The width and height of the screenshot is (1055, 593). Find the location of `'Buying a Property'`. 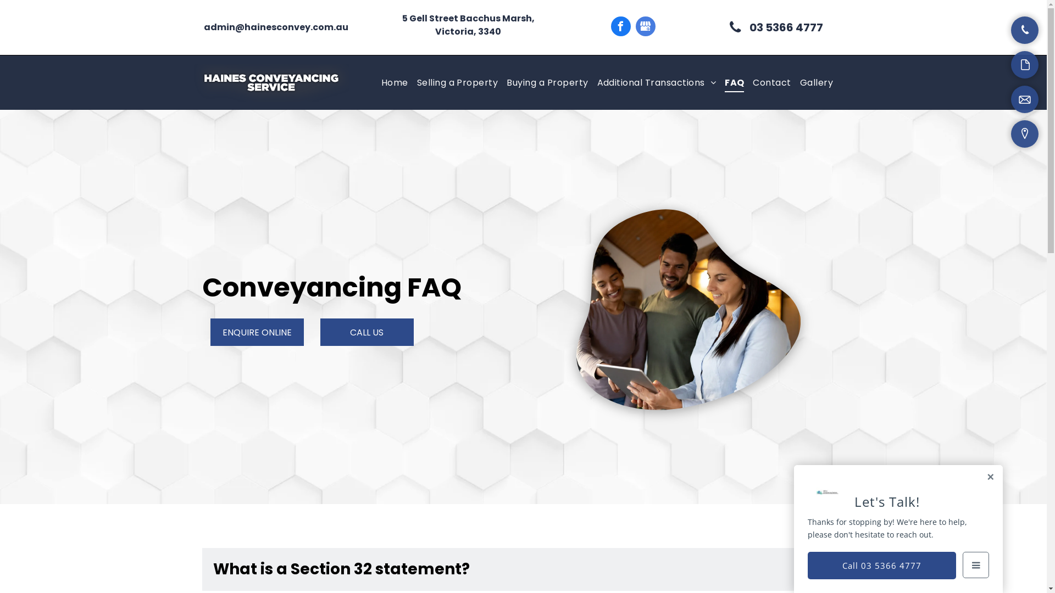

'Buying a Property' is located at coordinates (547, 82).